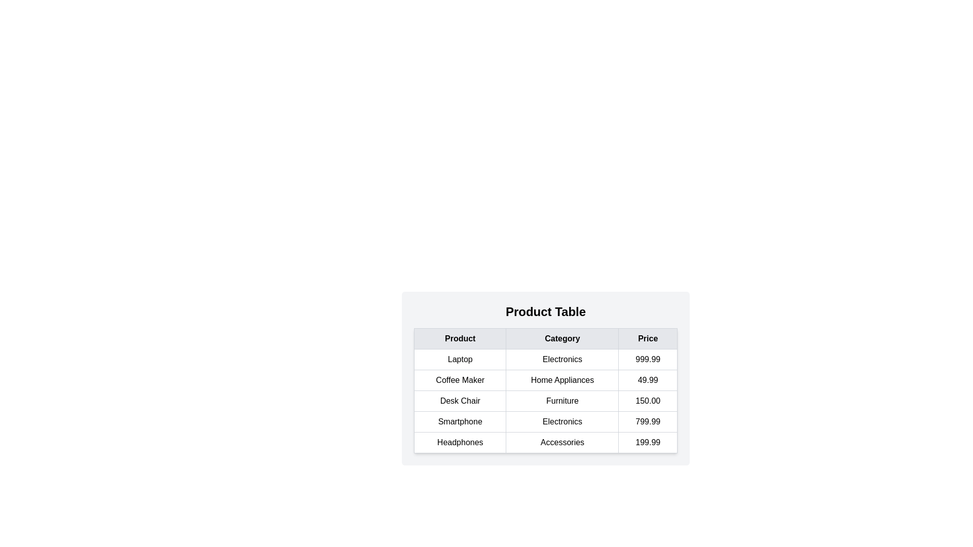 This screenshot has width=973, height=547. What do you see at coordinates (562, 380) in the screenshot?
I see `the static text label indicating 'Home Appliances' in the 'Coffee Maker' row of the table, located under the 'Category' heading` at bounding box center [562, 380].